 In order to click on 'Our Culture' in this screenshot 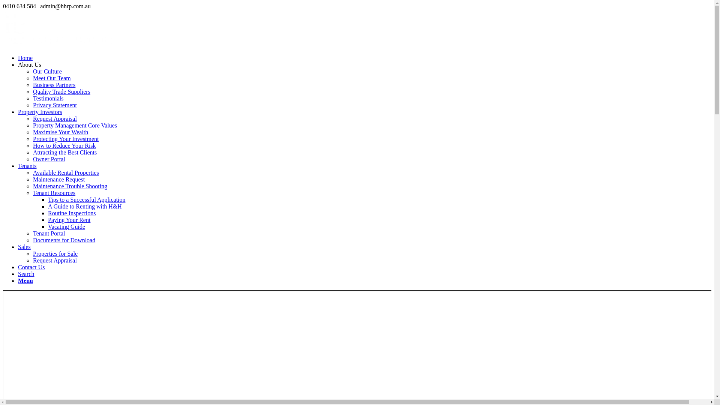, I will do `click(47, 71)`.